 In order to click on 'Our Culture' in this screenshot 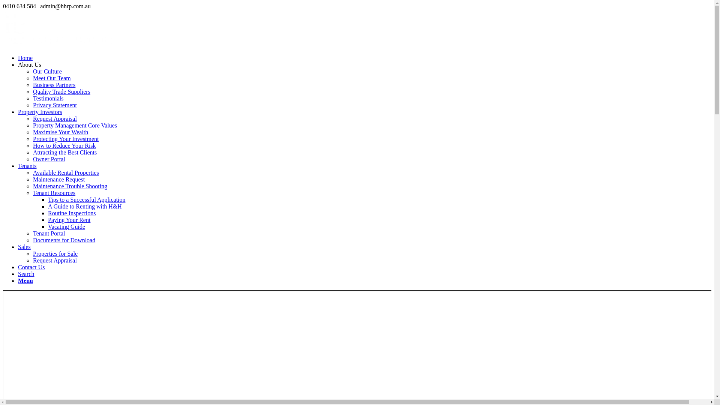, I will do `click(47, 71)`.